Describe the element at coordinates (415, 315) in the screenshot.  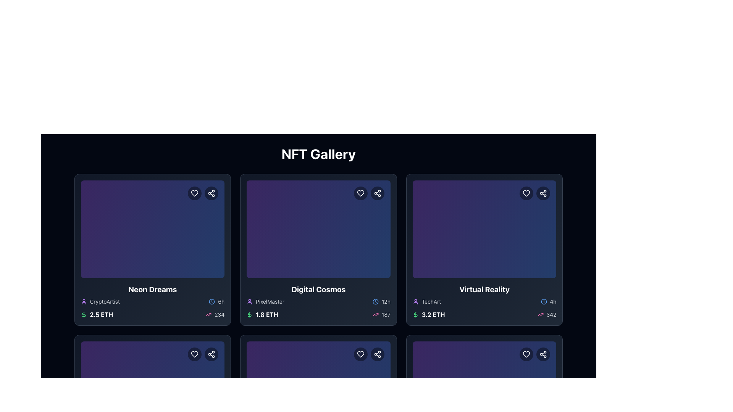
I see `the dollar sign icon styled with a green hue, located to the left of the text '3.2 ETH' within the 'Virtual Reality' card in the third column of the upper row of displayed cards` at that location.